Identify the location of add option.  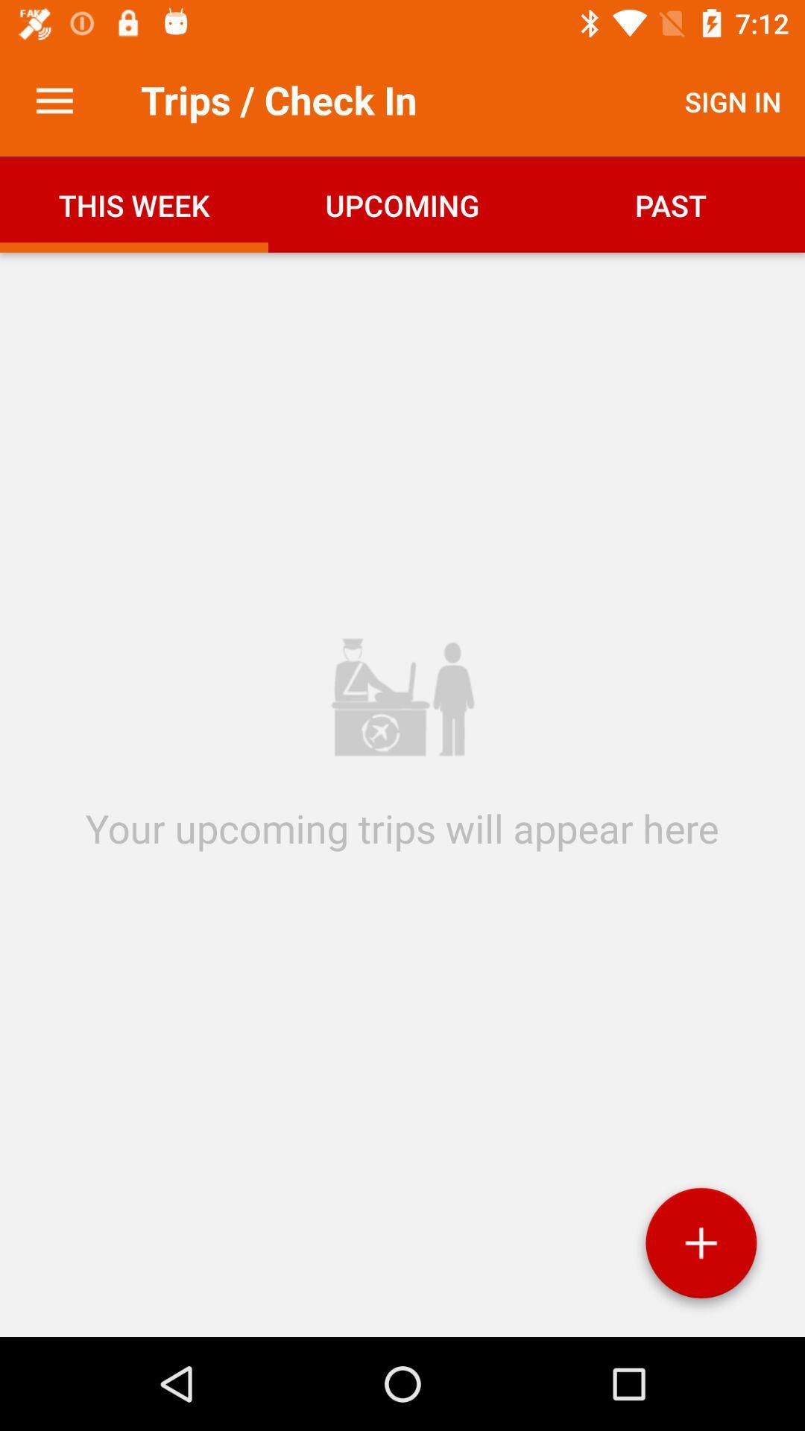
(701, 1248).